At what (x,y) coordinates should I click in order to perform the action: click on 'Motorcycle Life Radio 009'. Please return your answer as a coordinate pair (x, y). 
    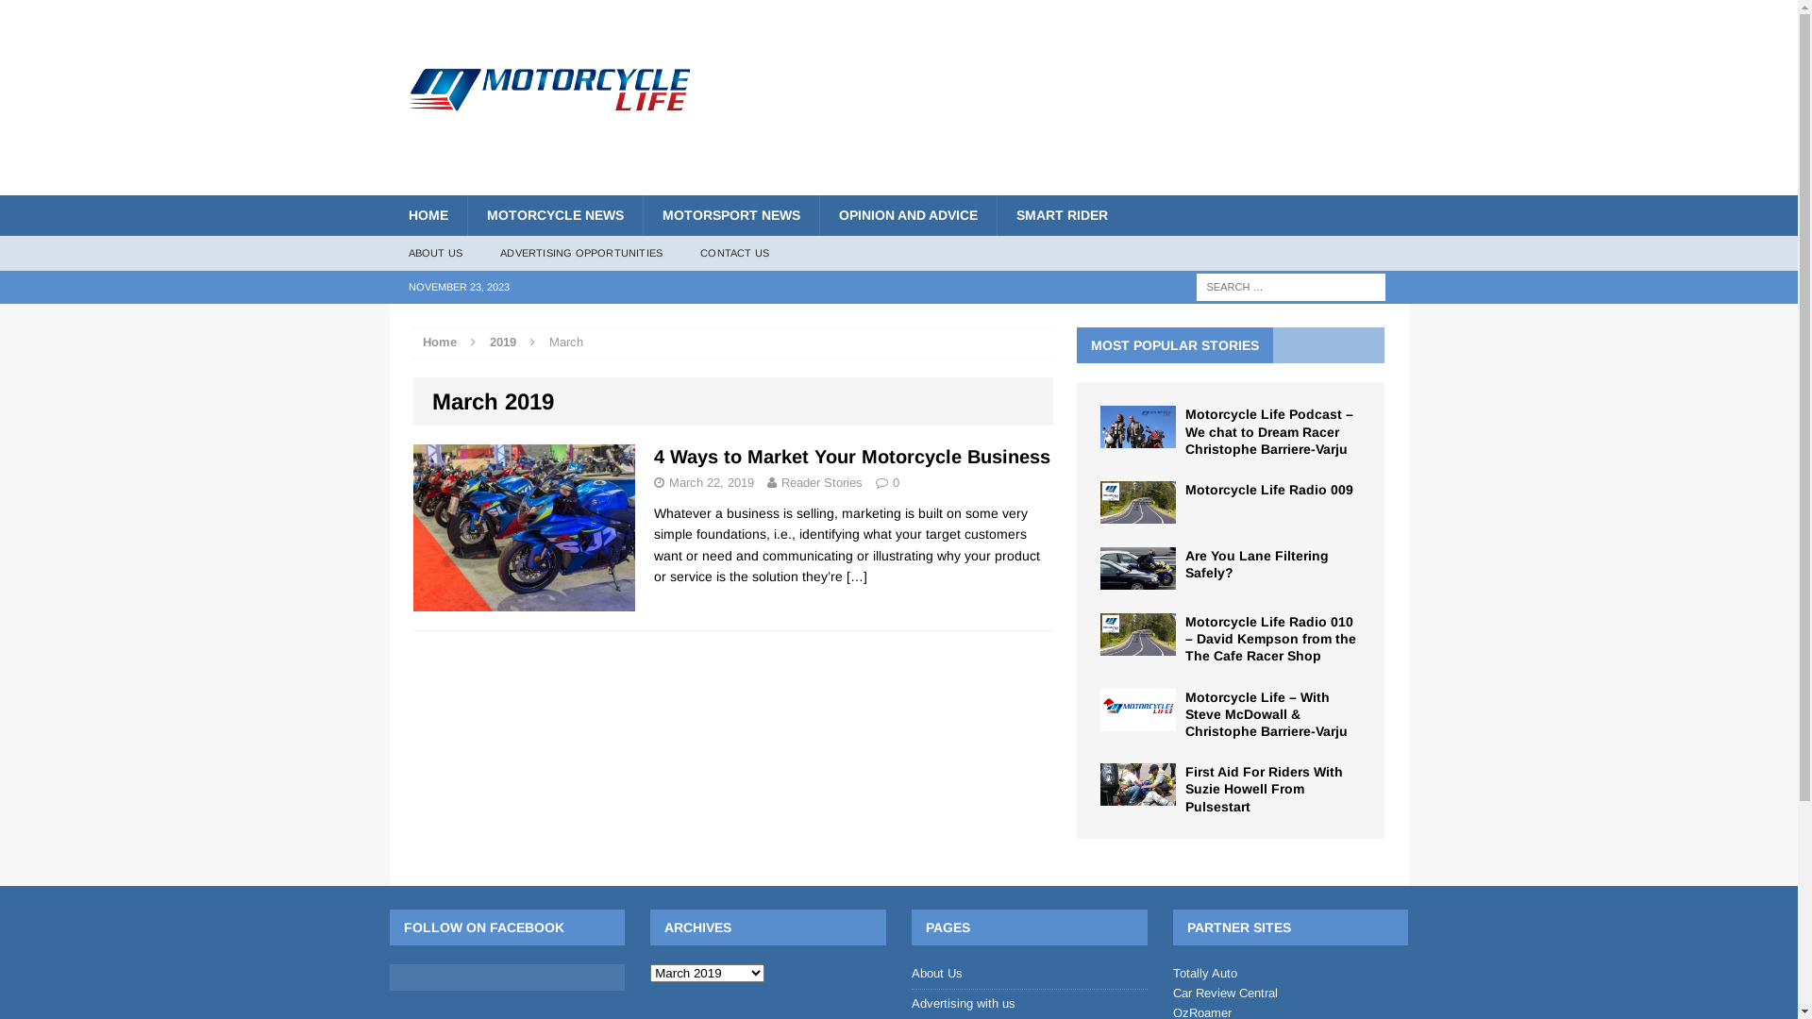
    Looking at the image, I should click on (1184, 489).